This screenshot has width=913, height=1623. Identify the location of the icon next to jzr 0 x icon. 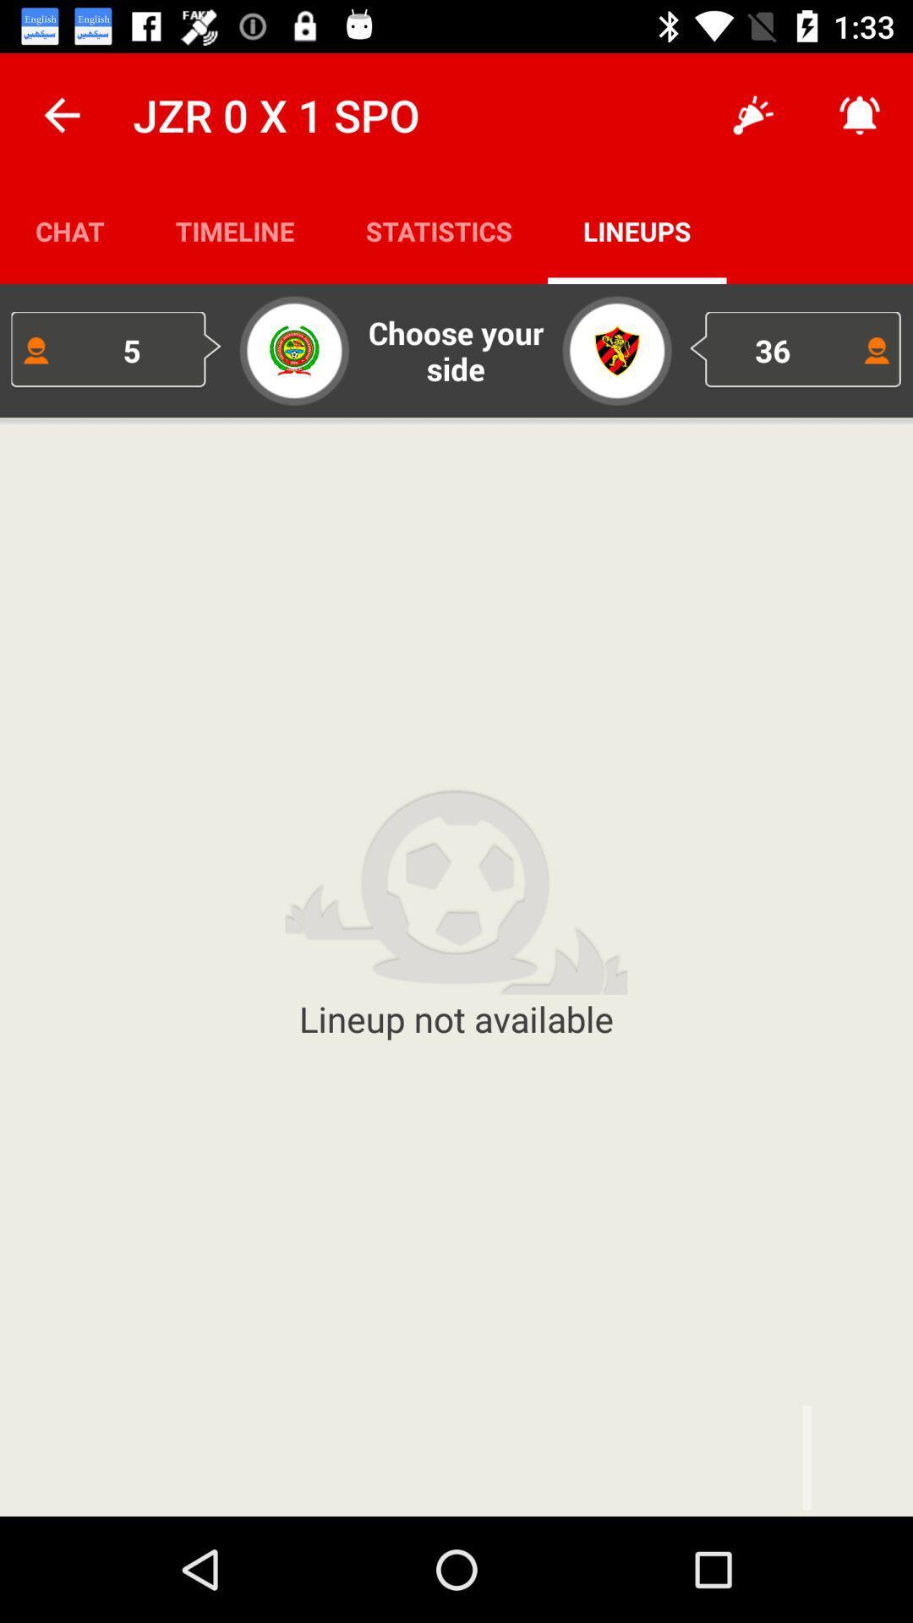
(61, 114).